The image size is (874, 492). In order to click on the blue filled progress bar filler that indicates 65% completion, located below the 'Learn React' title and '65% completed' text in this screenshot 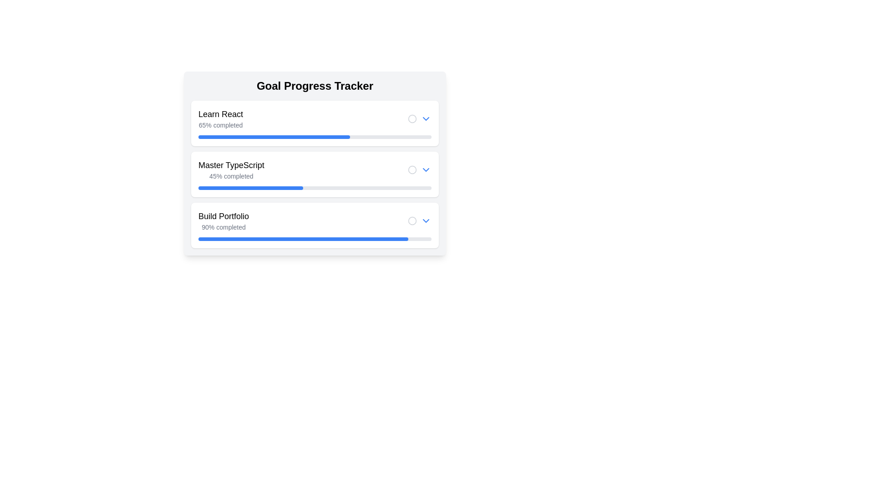, I will do `click(274, 137)`.